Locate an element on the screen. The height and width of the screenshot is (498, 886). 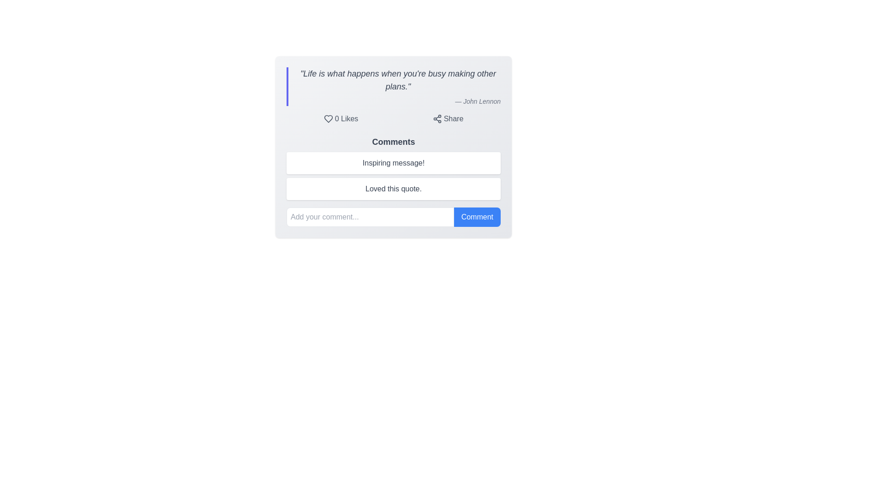
the 'Share' button with a small share icon, located to the right of the '0 Likes' button, to change its text color to blue is located at coordinates (448, 119).